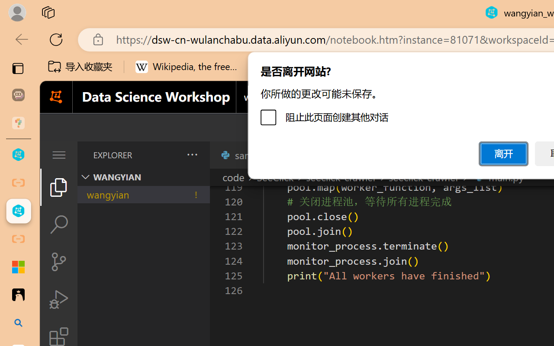  What do you see at coordinates (58, 299) in the screenshot?
I see `'Run and Debug (Ctrl+Shift+D)'` at bounding box center [58, 299].